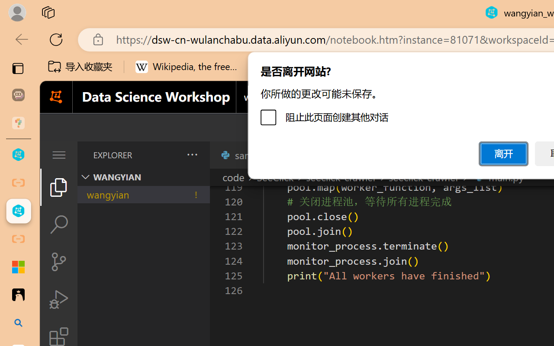  What do you see at coordinates (58, 299) in the screenshot?
I see `'Run and Debug (Ctrl+Shift+D)'` at bounding box center [58, 299].